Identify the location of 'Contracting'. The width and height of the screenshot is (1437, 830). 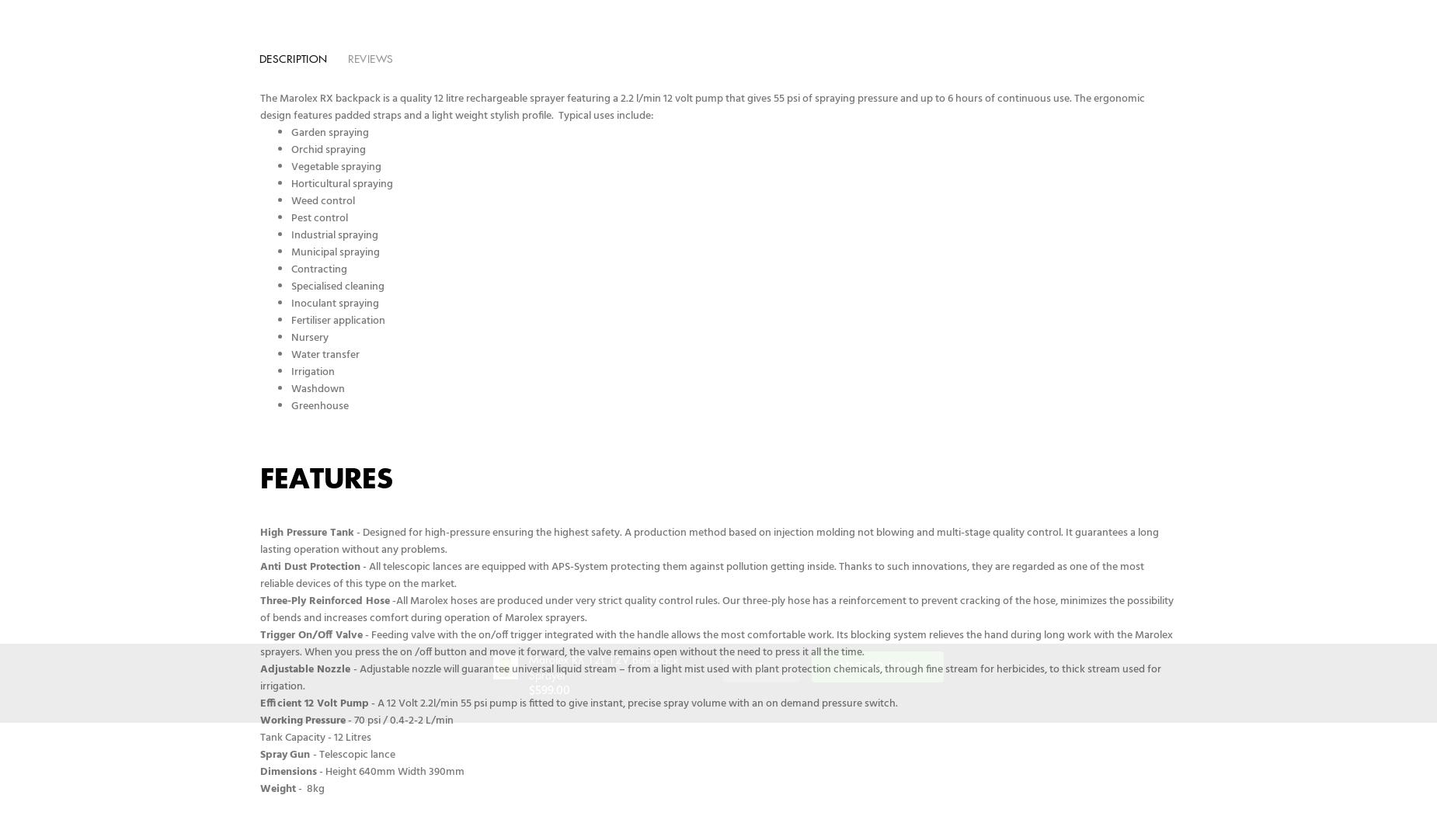
(319, 269).